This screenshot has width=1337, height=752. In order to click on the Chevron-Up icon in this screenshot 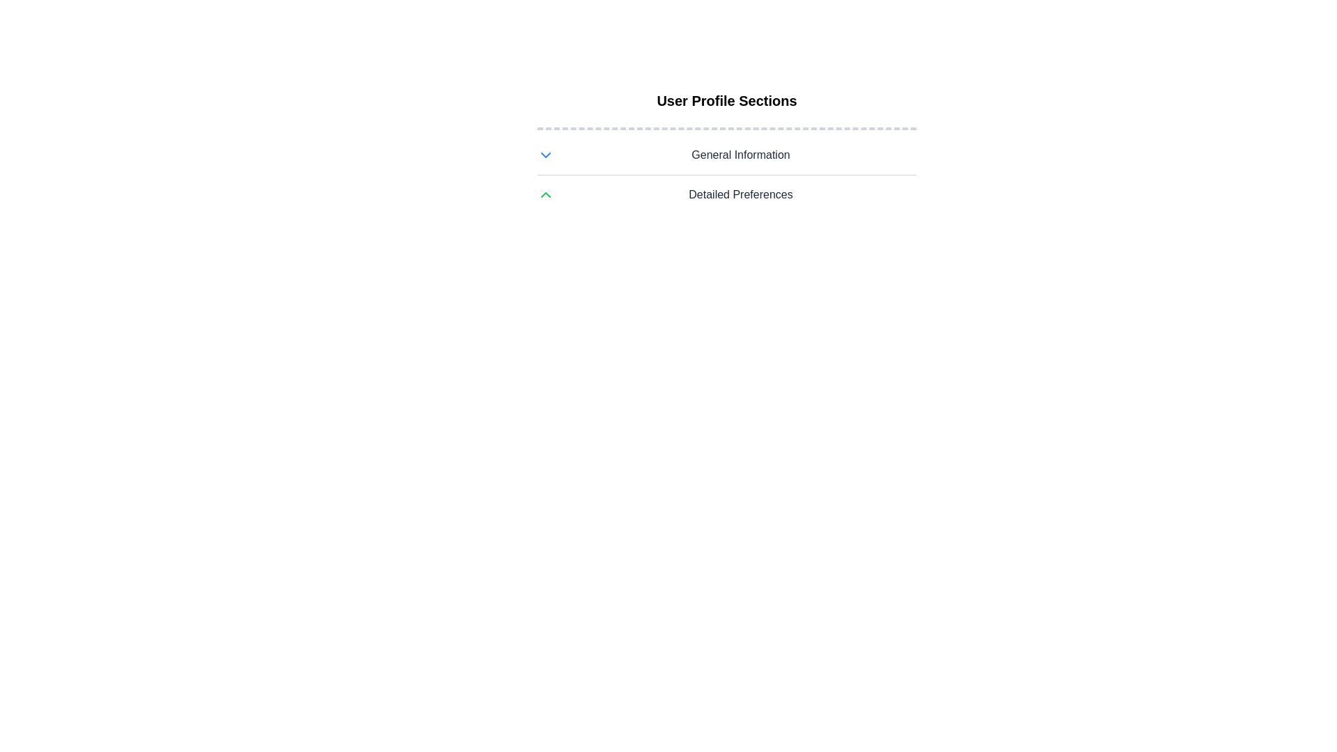, I will do `click(545, 195)`.